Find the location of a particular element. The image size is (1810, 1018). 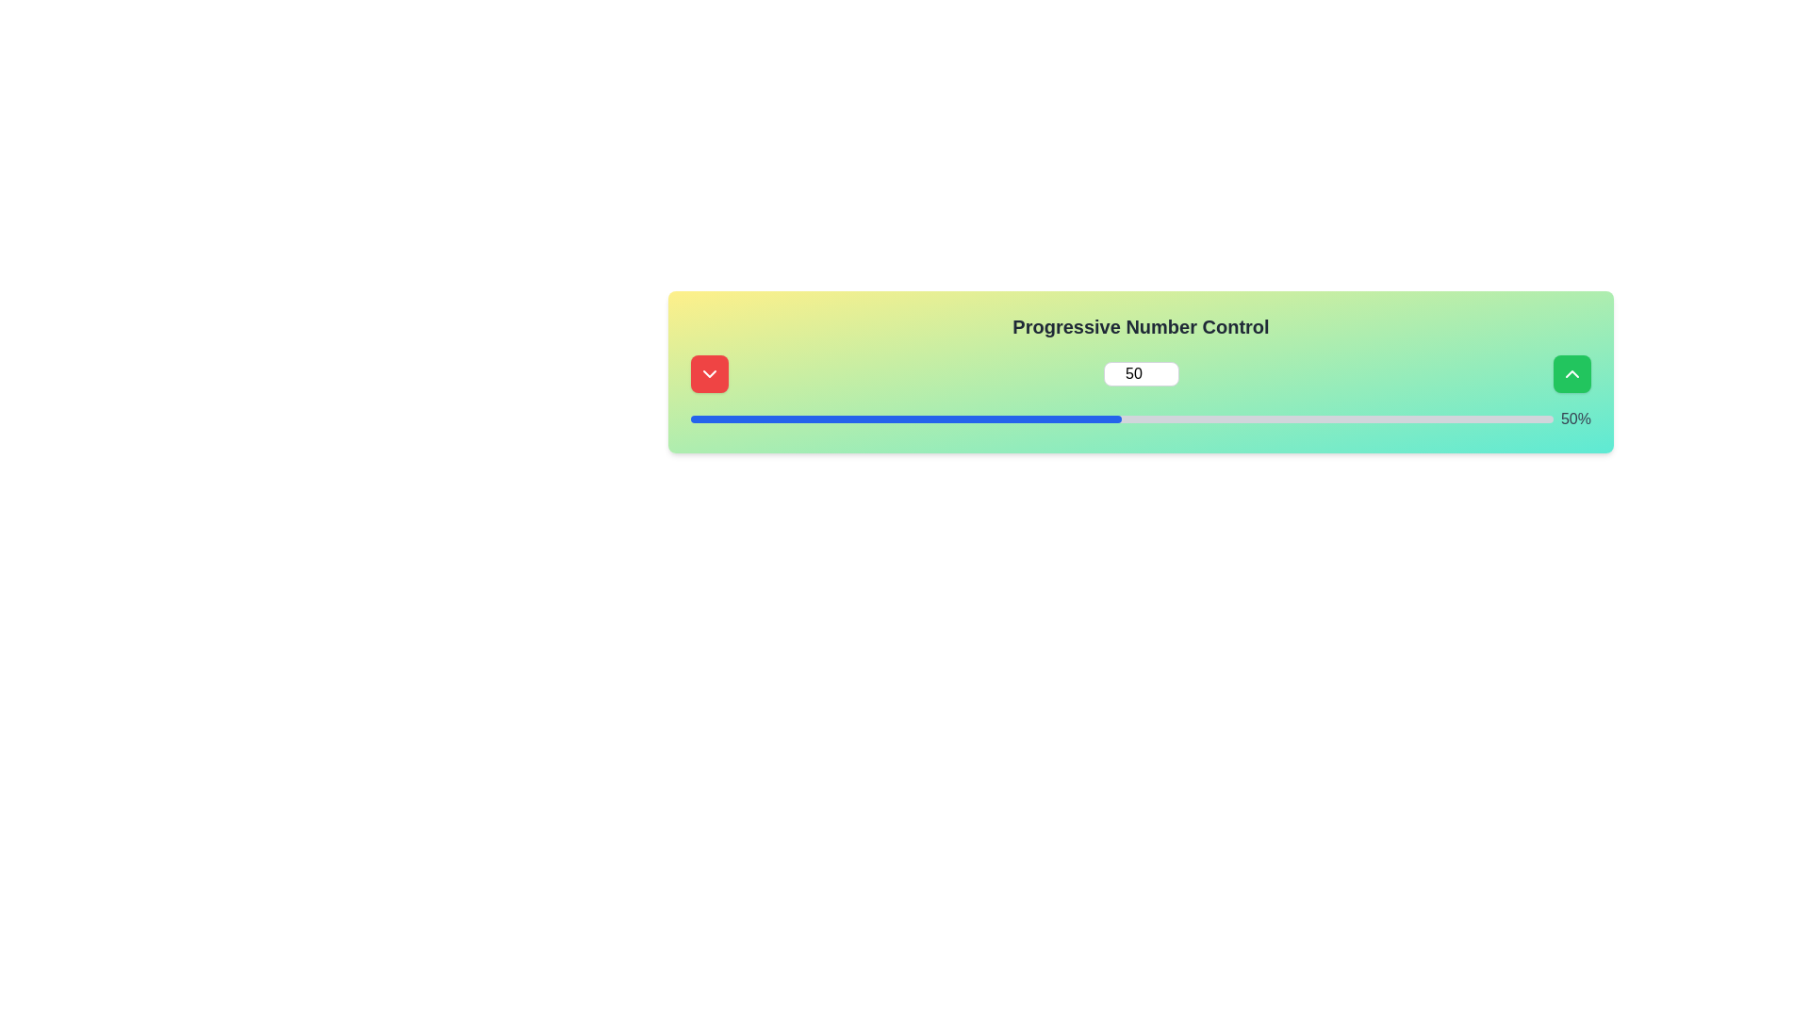

the red button with a white downward-pointing chevron icon located on the left side of the interface is located at coordinates (709, 374).